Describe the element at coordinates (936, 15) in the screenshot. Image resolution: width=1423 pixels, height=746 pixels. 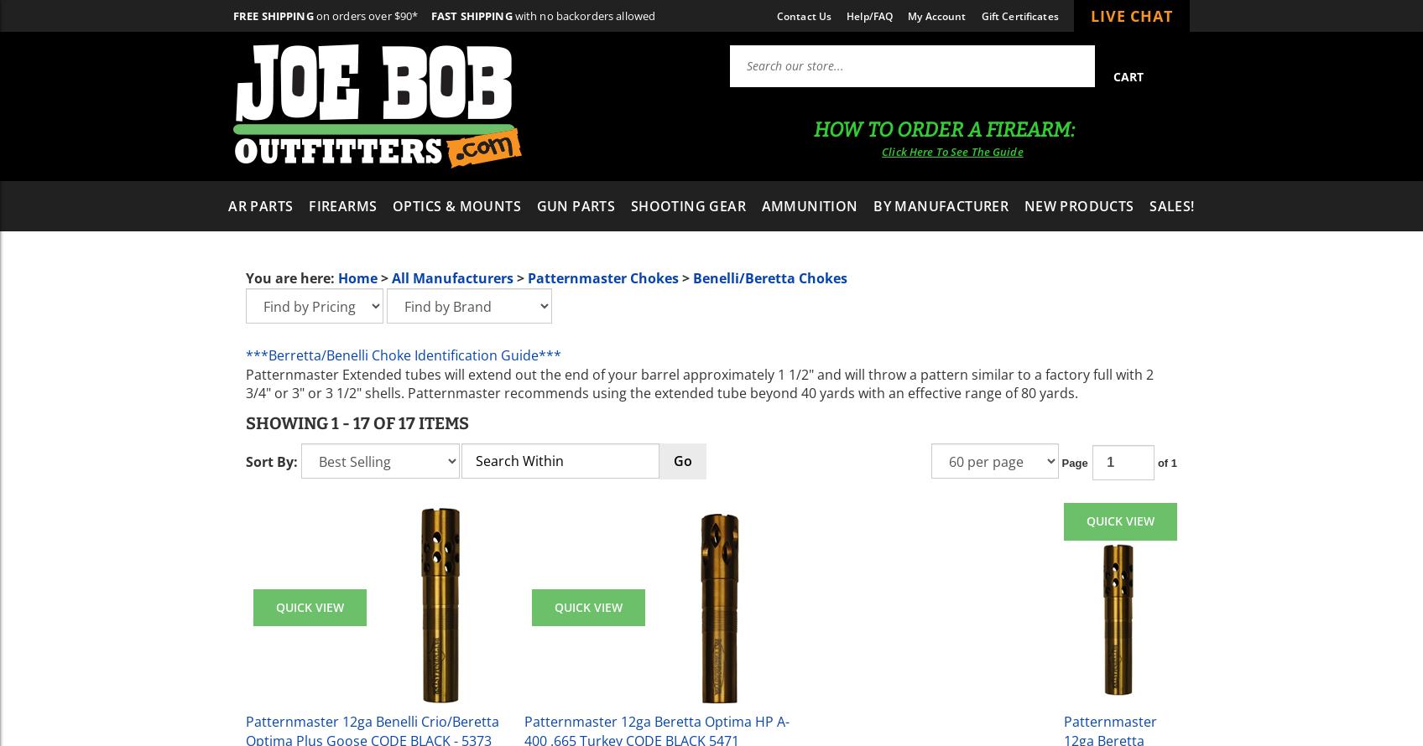
I see `'My Account'` at that location.